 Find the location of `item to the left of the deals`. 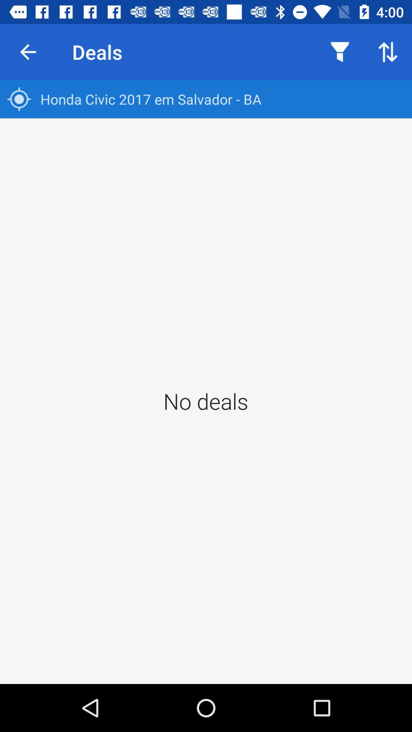

item to the left of the deals is located at coordinates (27, 51).